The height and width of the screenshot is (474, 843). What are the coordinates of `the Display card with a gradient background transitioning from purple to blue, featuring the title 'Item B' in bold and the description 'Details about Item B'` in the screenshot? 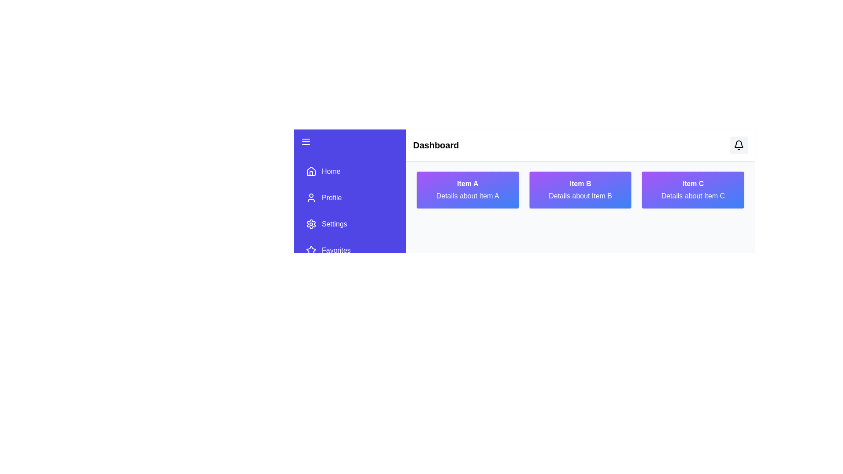 It's located at (580, 189).